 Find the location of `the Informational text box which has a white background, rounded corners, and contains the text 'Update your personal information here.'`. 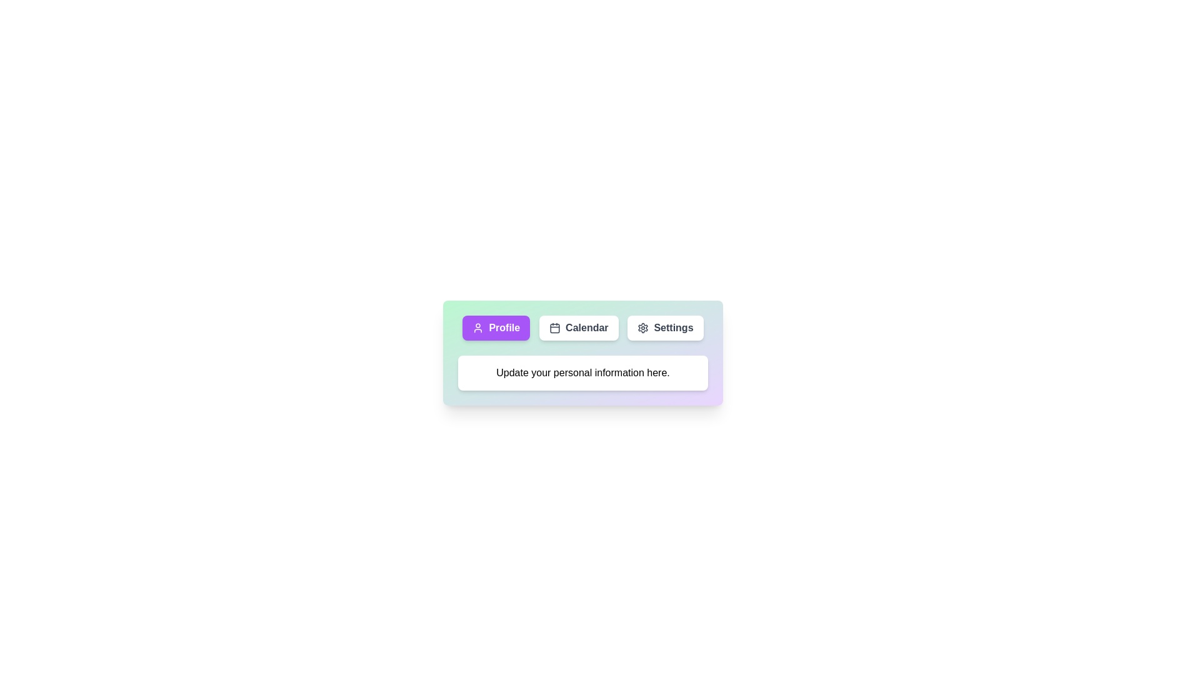

the Informational text box which has a white background, rounded corners, and contains the text 'Update your personal information here.' is located at coordinates (582, 372).